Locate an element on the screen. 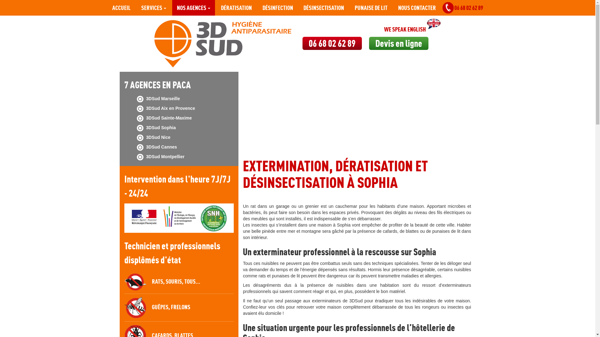 The image size is (600, 337). 'ACCUEIL' is located at coordinates (107, 7).